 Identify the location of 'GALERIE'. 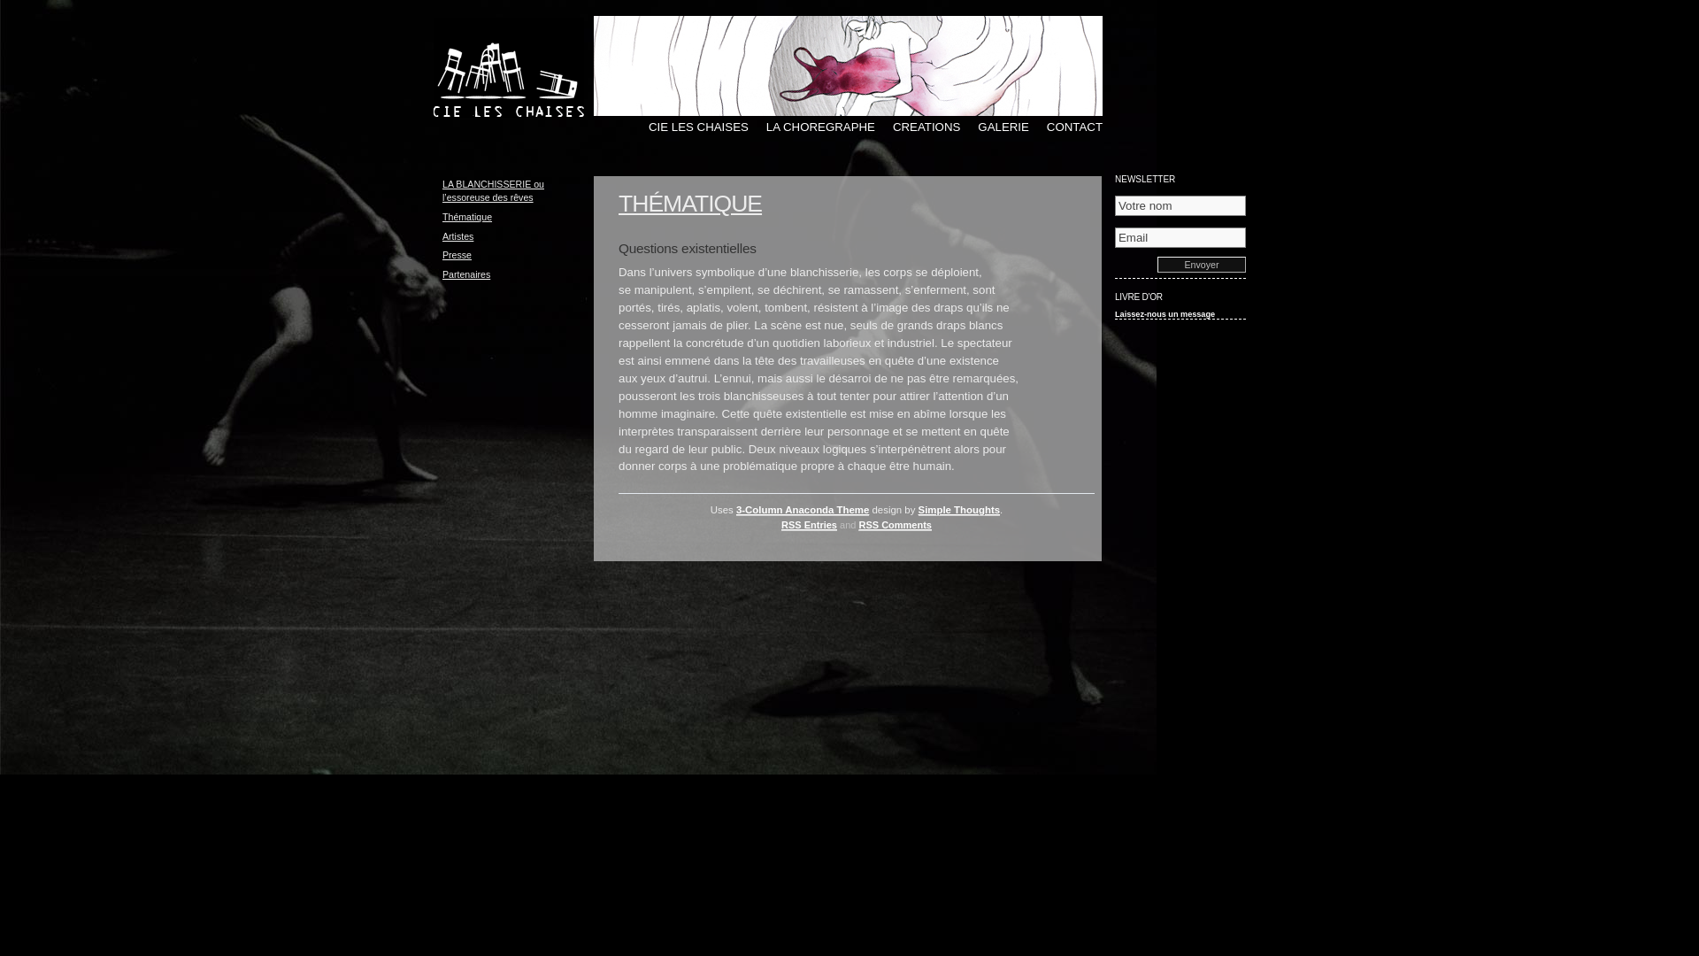
(994, 126).